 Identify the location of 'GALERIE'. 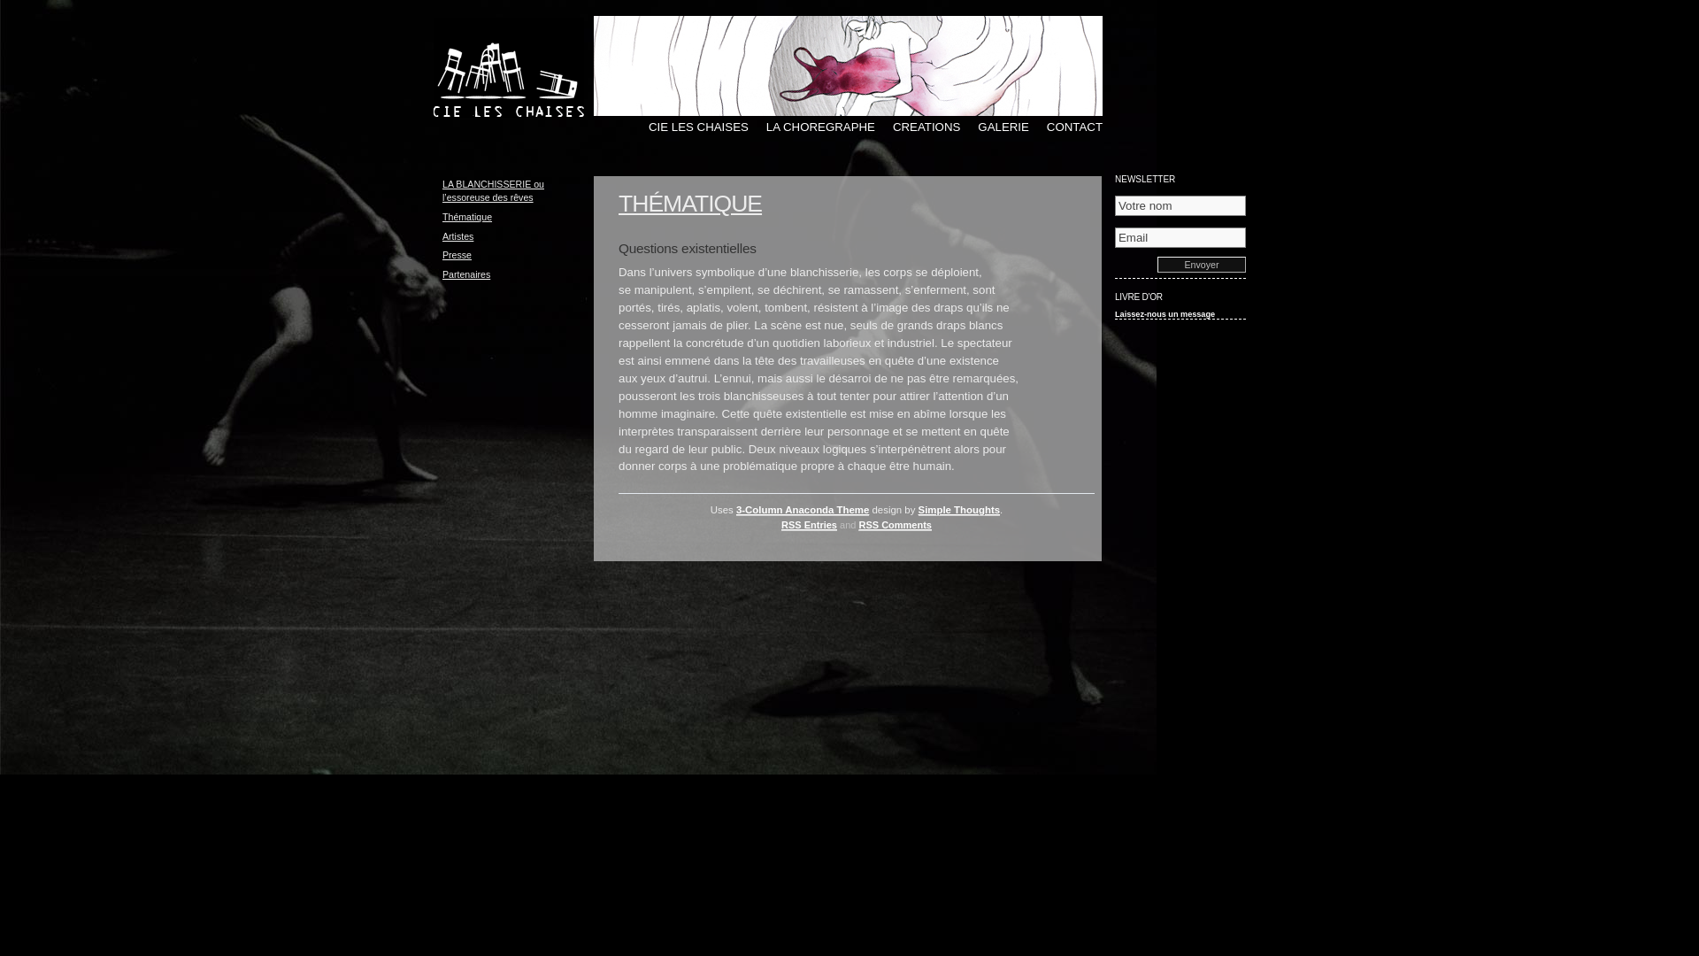
(994, 126).